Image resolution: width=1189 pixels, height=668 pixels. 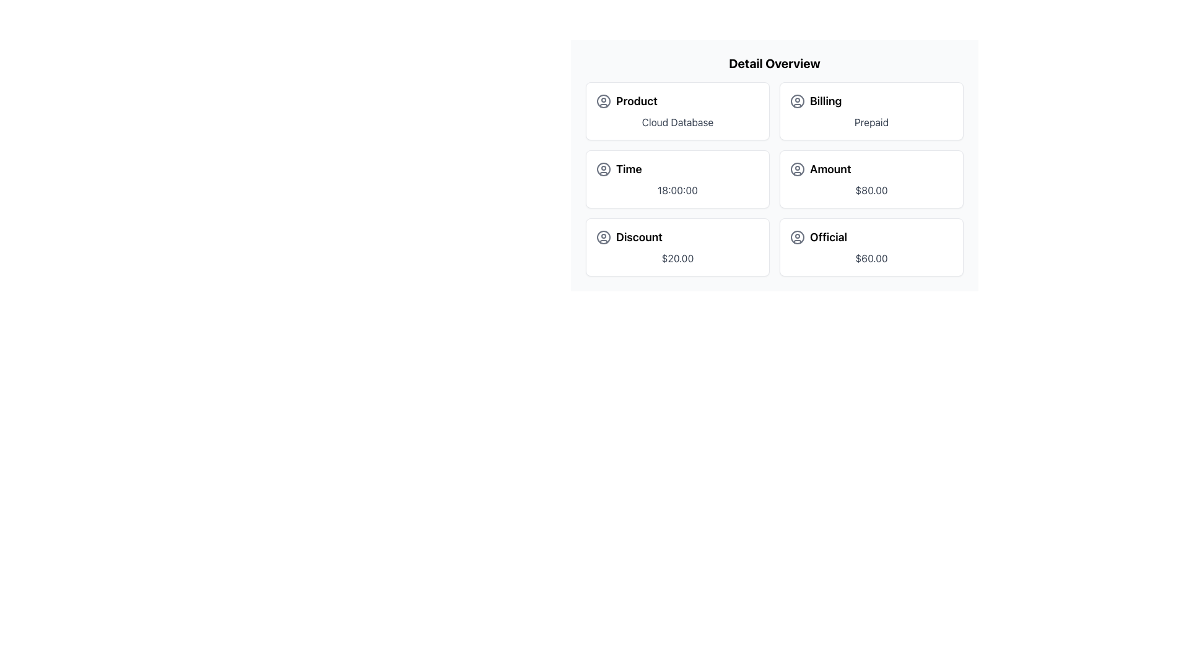 I want to click on the user avatar icon, which is a circular outline with a smaller circle inside, located in the top-center section of the 'Billing' card, to the left of the 'Billing' label, so click(x=797, y=101).